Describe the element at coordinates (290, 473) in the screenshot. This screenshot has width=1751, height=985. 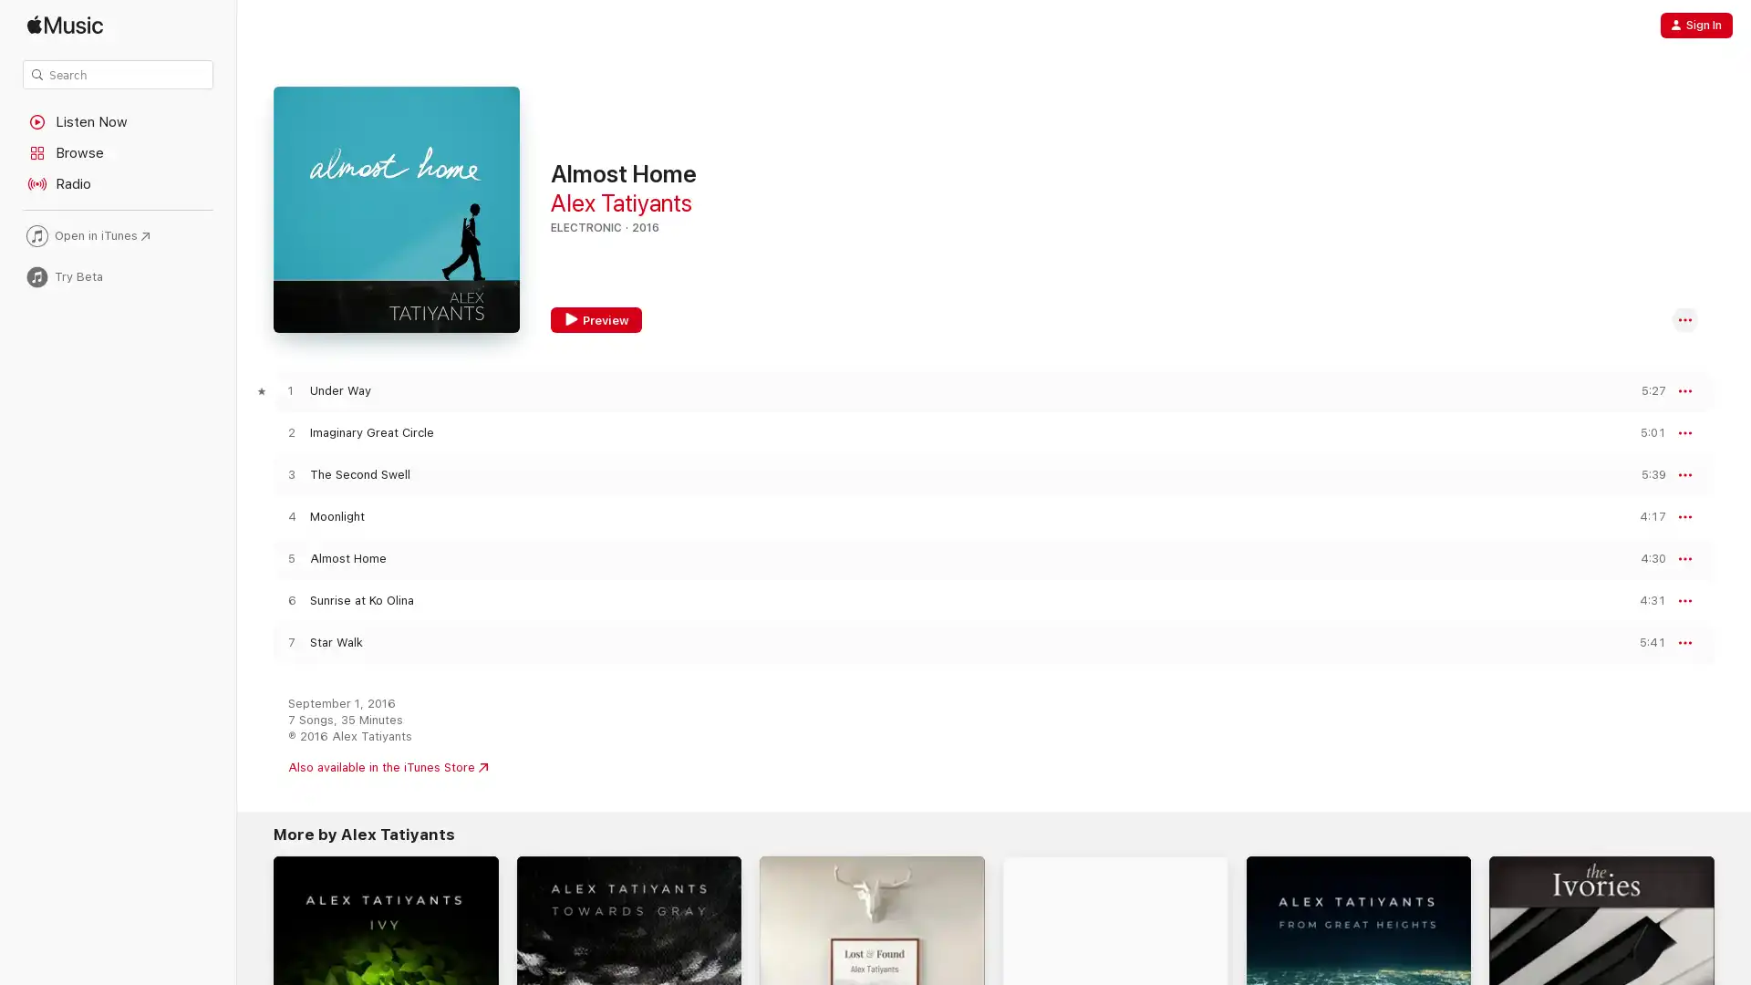
I see `Play` at that location.